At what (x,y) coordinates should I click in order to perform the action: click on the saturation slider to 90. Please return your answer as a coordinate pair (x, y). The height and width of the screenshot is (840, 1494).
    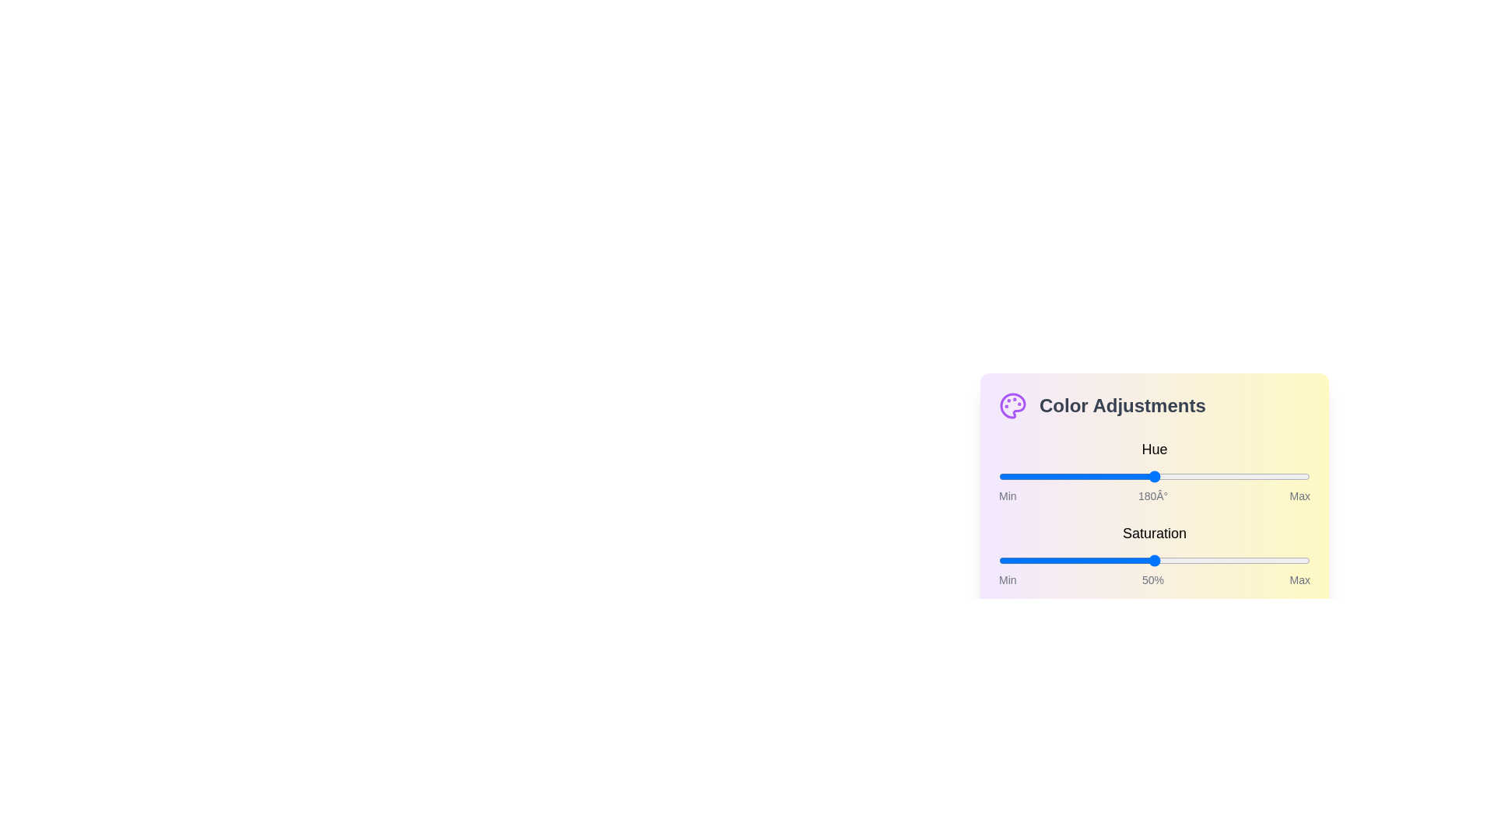
    Looking at the image, I should click on (1278, 561).